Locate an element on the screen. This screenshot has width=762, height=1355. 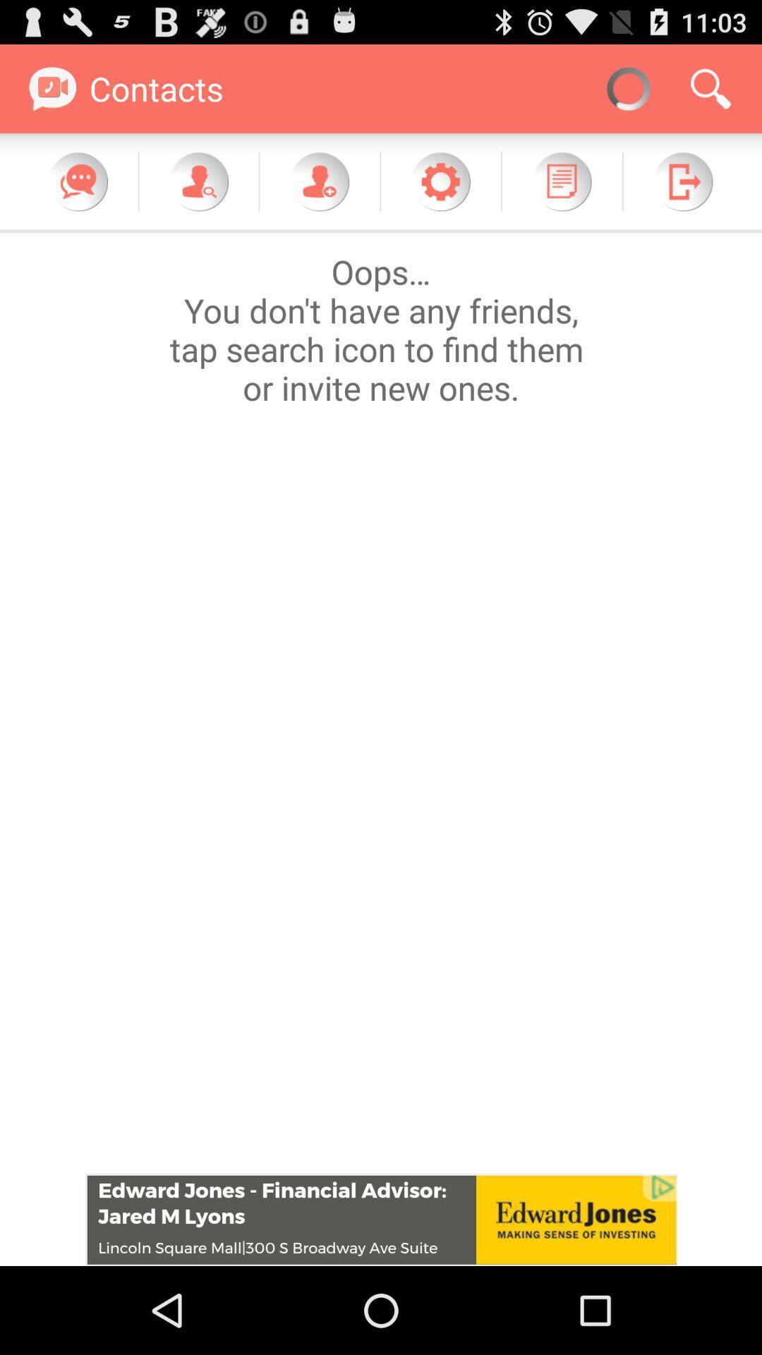
message log is located at coordinates (561, 181).